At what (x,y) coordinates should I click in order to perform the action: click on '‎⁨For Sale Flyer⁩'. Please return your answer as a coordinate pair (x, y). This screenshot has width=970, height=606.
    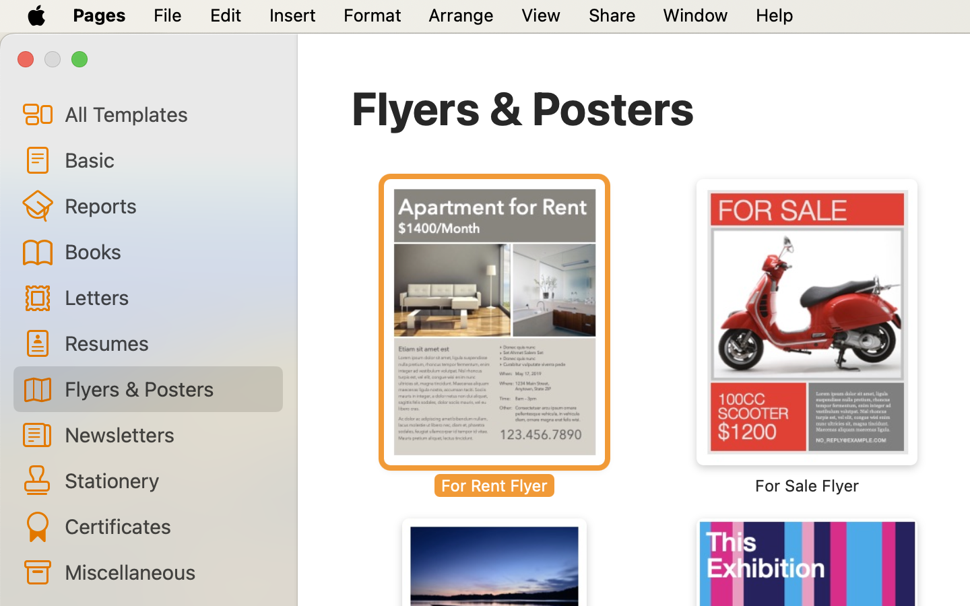
    Looking at the image, I should click on (806, 337).